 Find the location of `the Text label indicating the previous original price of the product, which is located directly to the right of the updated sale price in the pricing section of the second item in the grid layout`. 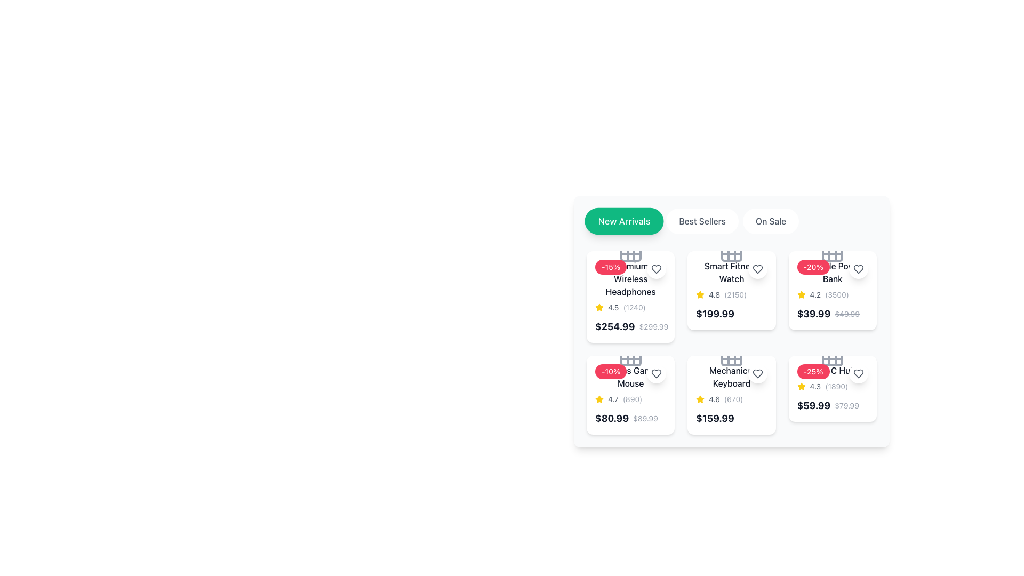

the Text label indicating the previous original price of the product, which is located directly to the right of the updated sale price in the pricing section of the second item in the grid layout is located at coordinates (645, 418).